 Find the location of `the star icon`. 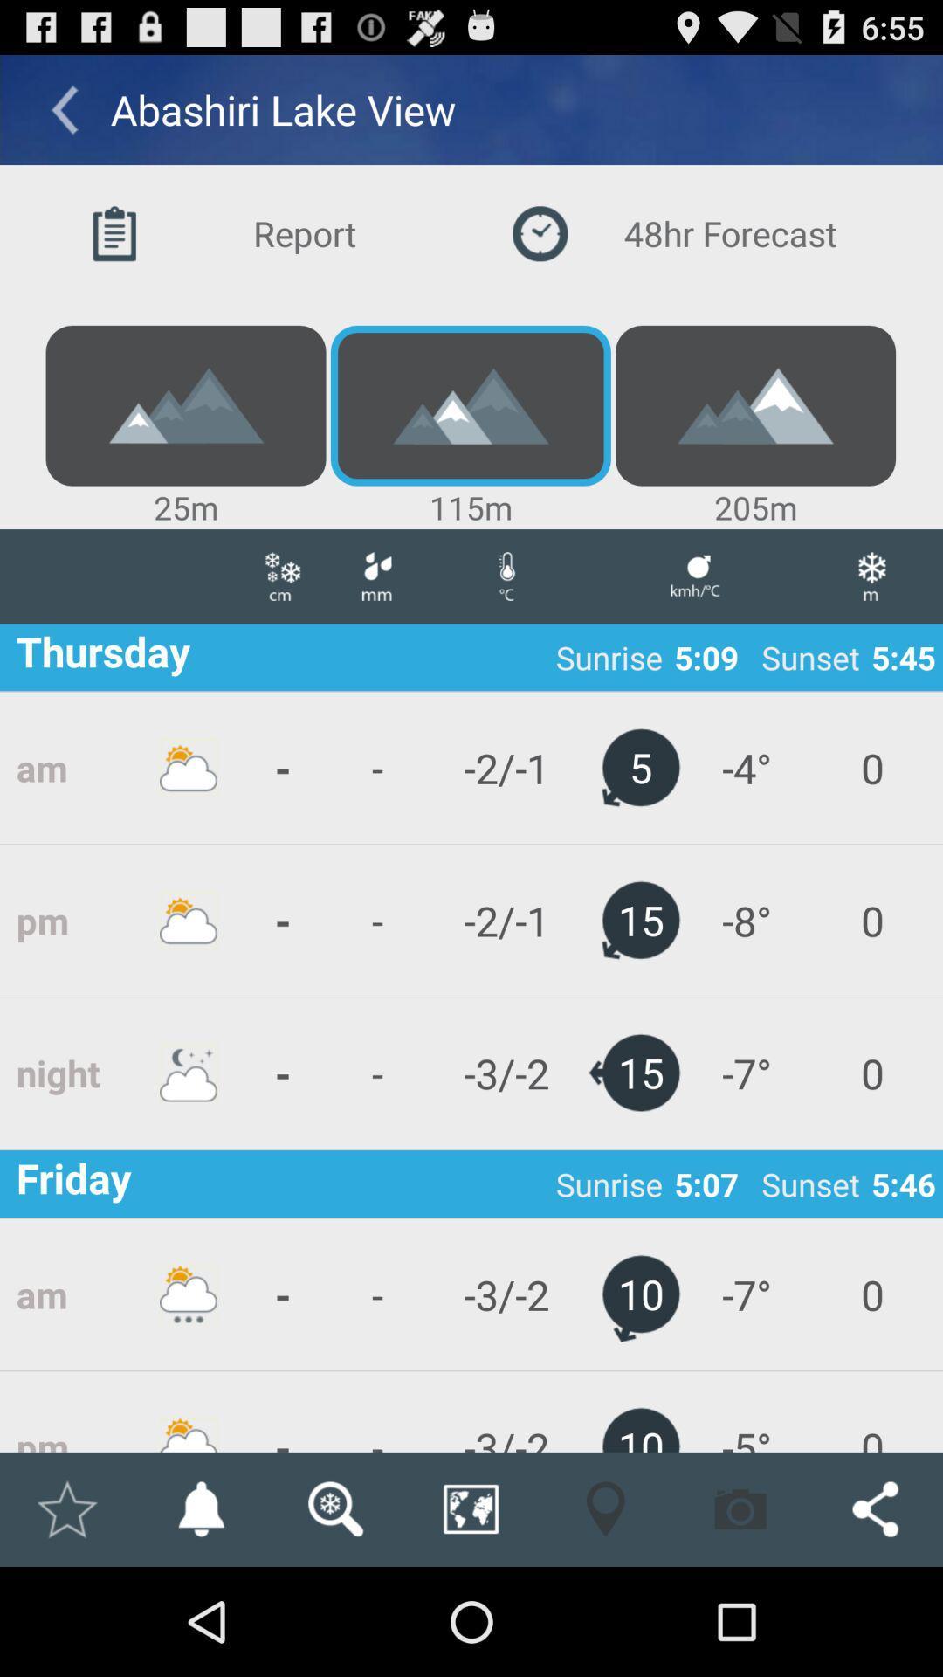

the star icon is located at coordinates (65, 1614).